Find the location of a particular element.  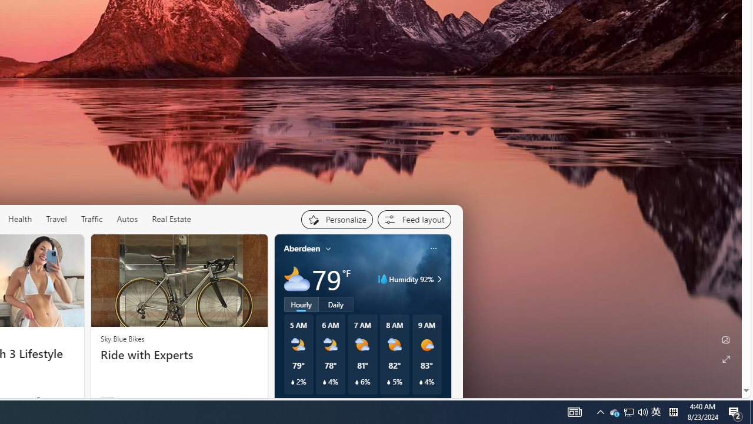

'Humidity 92%' is located at coordinates (437, 279).